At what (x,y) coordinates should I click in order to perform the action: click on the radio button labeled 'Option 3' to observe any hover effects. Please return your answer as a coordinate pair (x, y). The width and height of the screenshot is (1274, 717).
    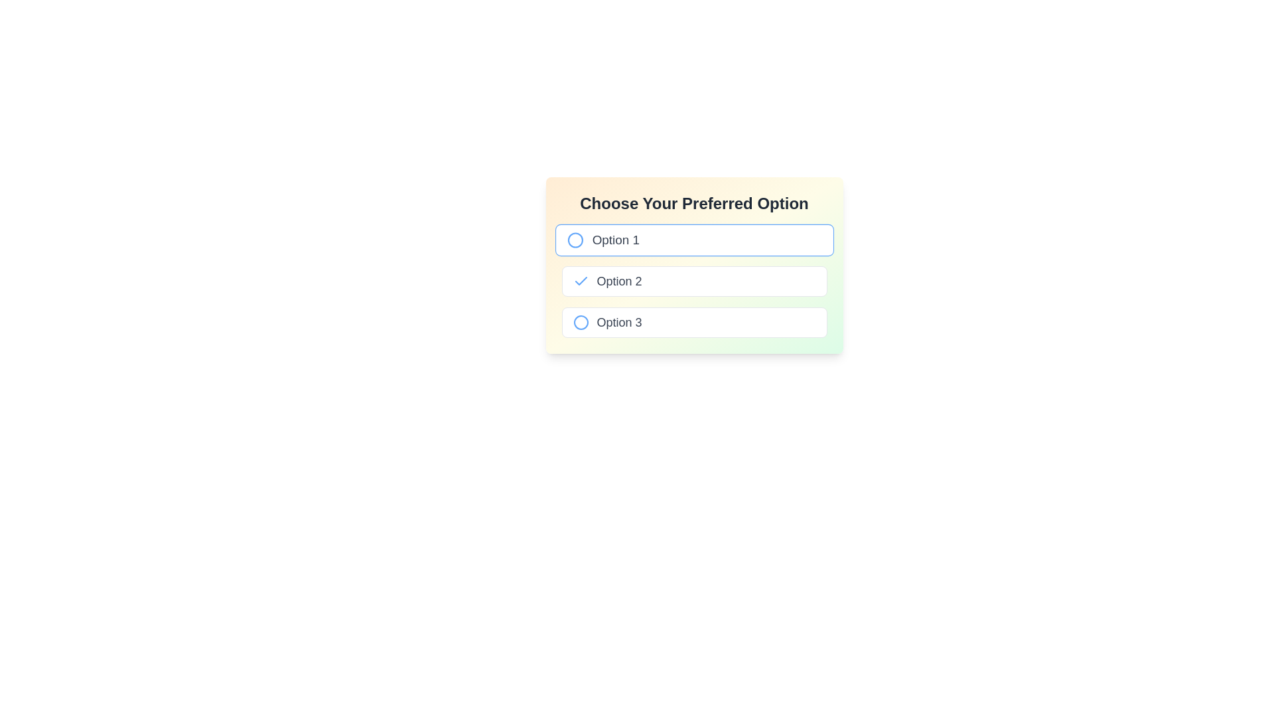
    Looking at the image, I should click on (693, 323).